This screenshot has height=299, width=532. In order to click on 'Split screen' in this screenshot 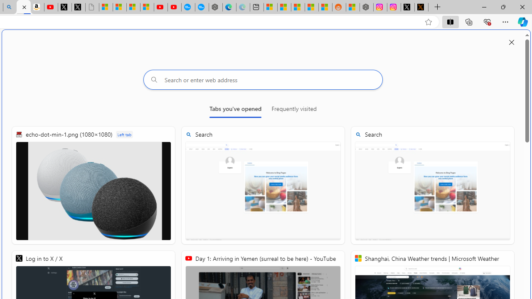, I will do `click(450, 21)`.